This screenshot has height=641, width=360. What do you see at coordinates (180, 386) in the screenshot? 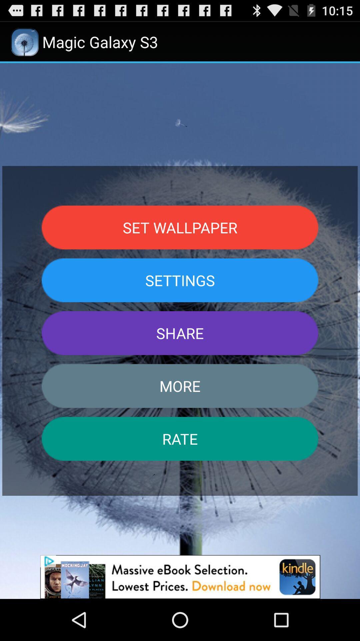
I see `item above rate item` at bounding box center [180, 386].